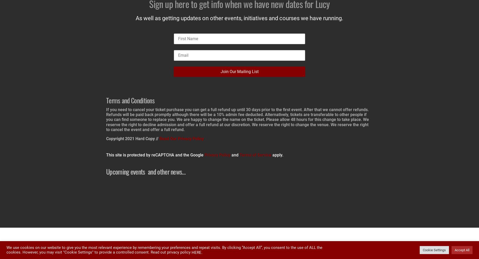  I want to click on 'Privacy Policy', so click(217, 155).